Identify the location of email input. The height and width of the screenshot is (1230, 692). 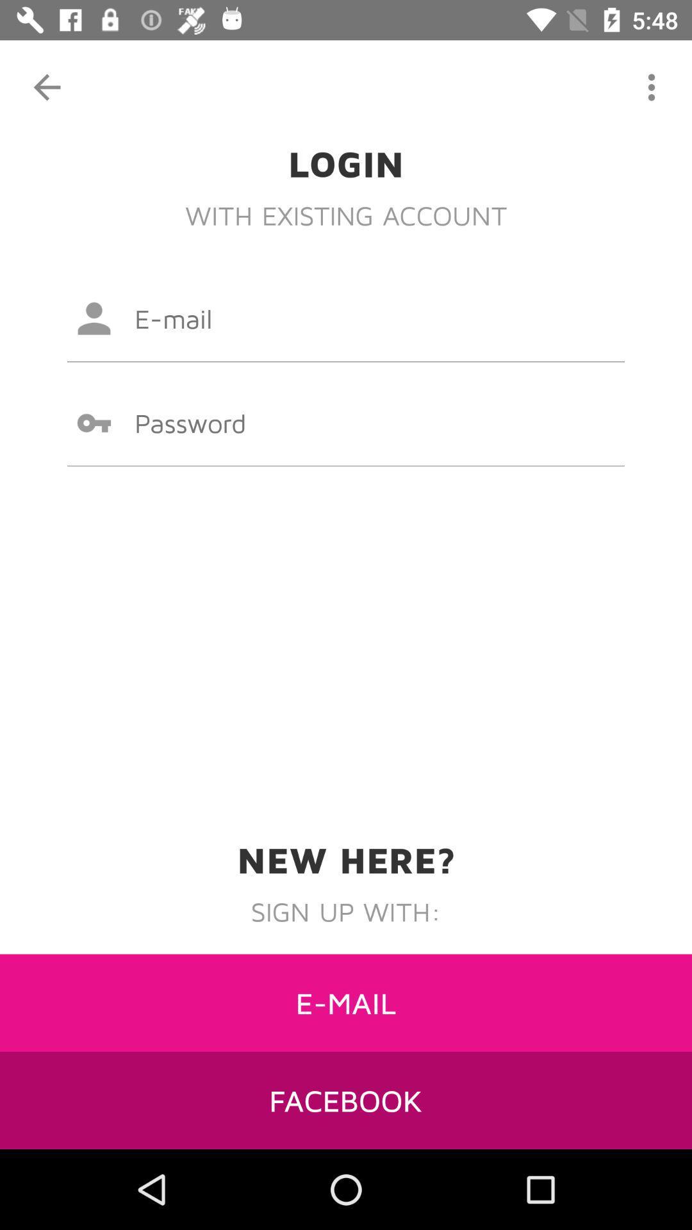
(346, 318).